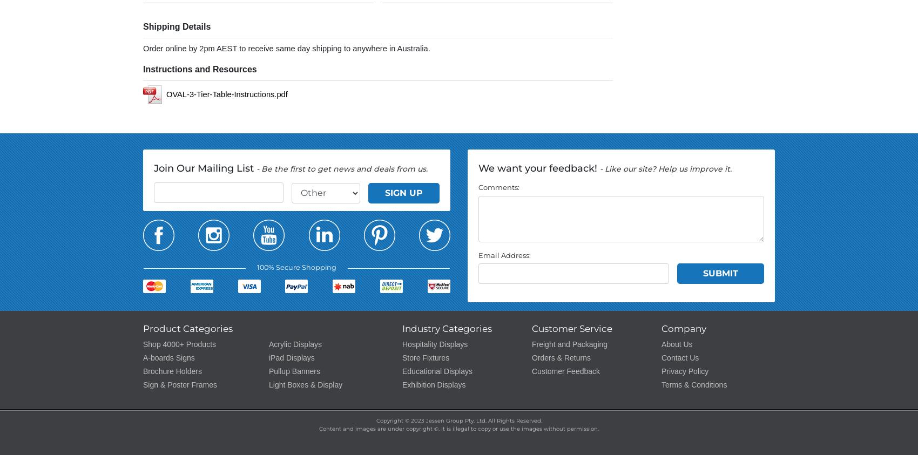  Describe the element at coordinates (425, 357) in the screenshot. I see `'Store Fixtures'` at that location.